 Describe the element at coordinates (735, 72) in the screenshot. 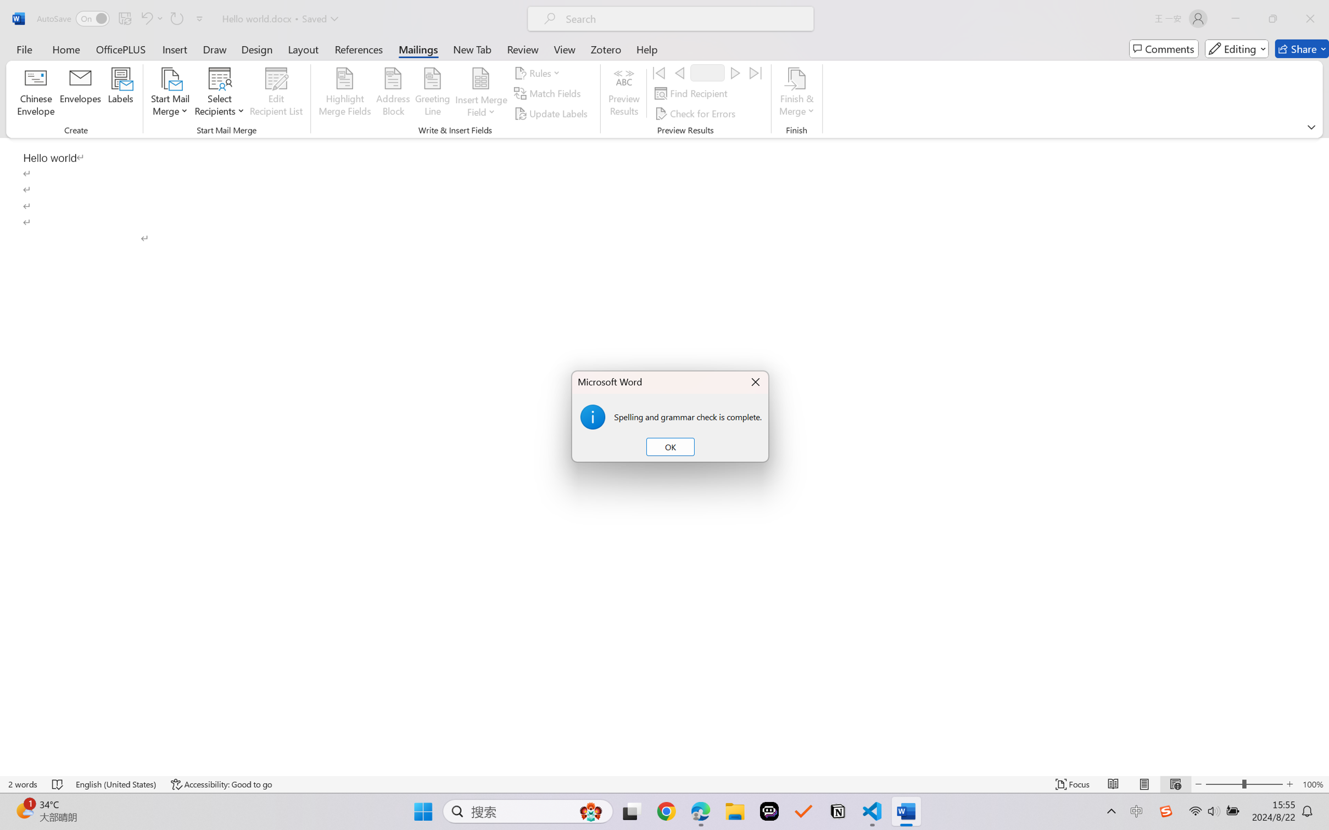

I see `'Next'` at that location.